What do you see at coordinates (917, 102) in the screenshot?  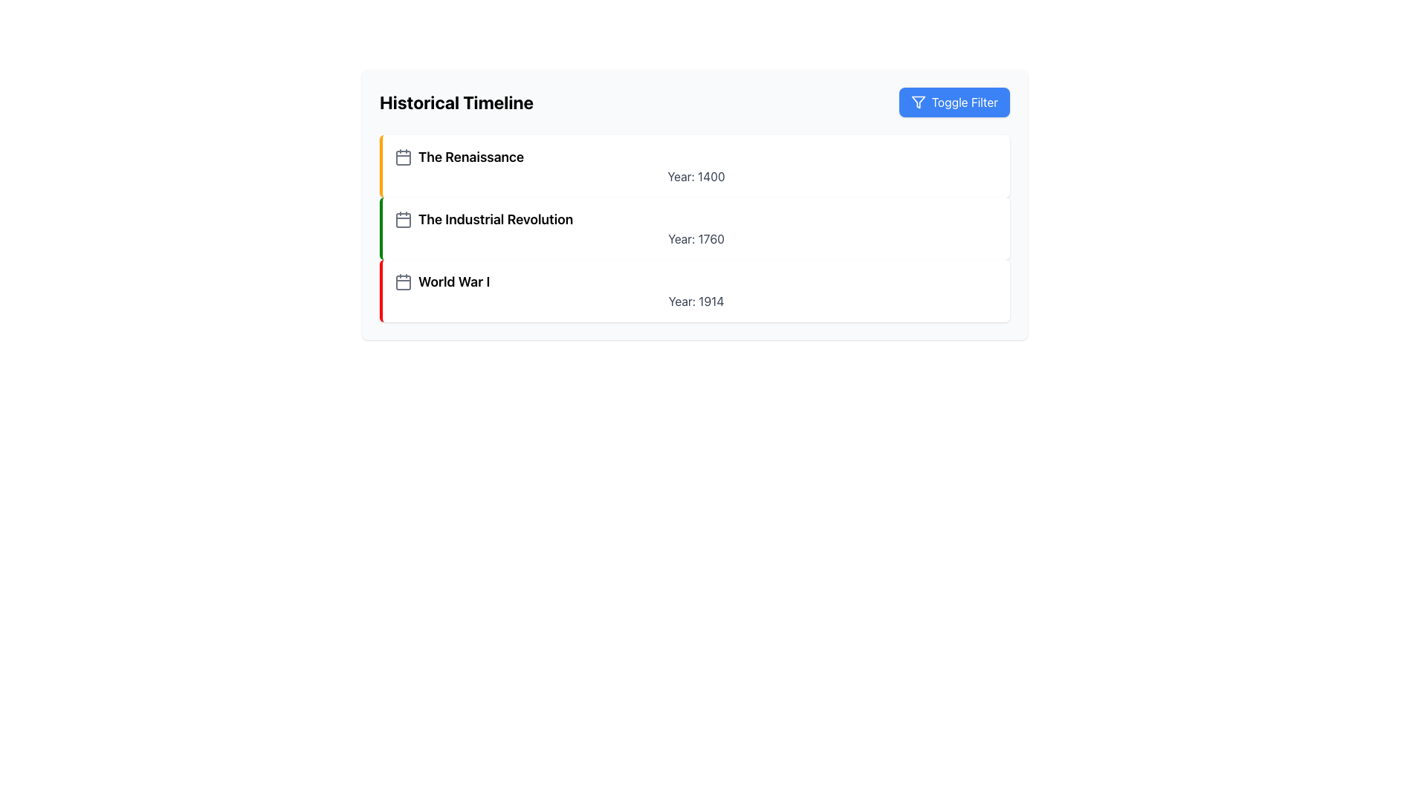 I see `the filtering icon within the 'Toggle Filter' button located at the top right section of the main timeline interface` at bounding box center [917, 102].